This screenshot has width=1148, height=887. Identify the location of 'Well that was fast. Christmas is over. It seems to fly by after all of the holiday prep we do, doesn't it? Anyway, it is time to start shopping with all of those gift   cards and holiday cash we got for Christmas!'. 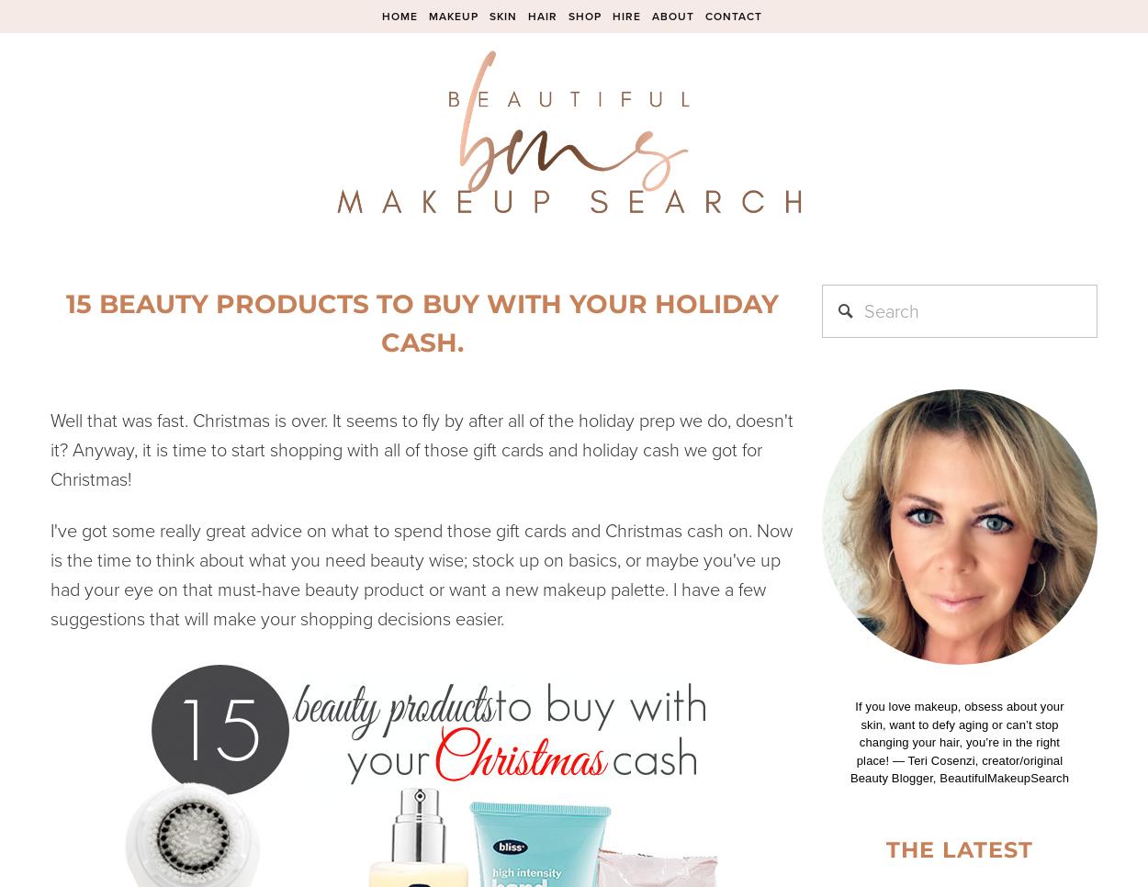
(421, 448).